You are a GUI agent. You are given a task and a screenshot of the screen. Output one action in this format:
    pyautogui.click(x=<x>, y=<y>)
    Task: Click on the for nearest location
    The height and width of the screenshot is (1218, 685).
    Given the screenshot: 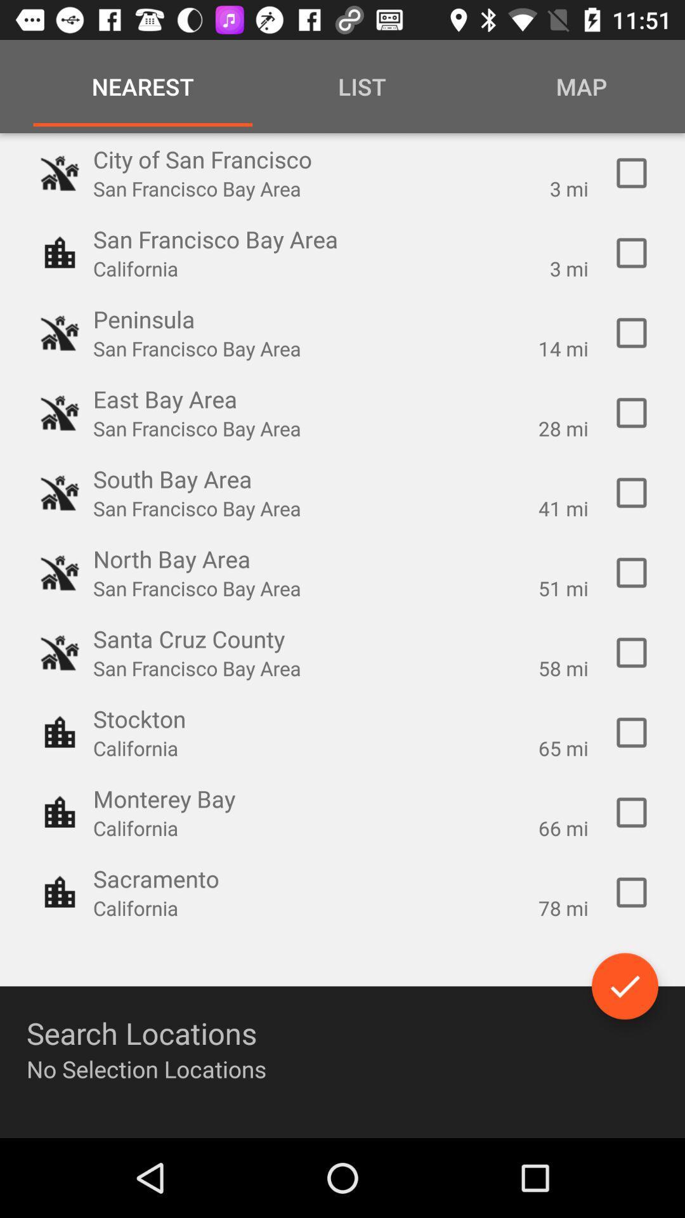 What is the action you would take?
    pyautogui.click(x=631, y=813)
    